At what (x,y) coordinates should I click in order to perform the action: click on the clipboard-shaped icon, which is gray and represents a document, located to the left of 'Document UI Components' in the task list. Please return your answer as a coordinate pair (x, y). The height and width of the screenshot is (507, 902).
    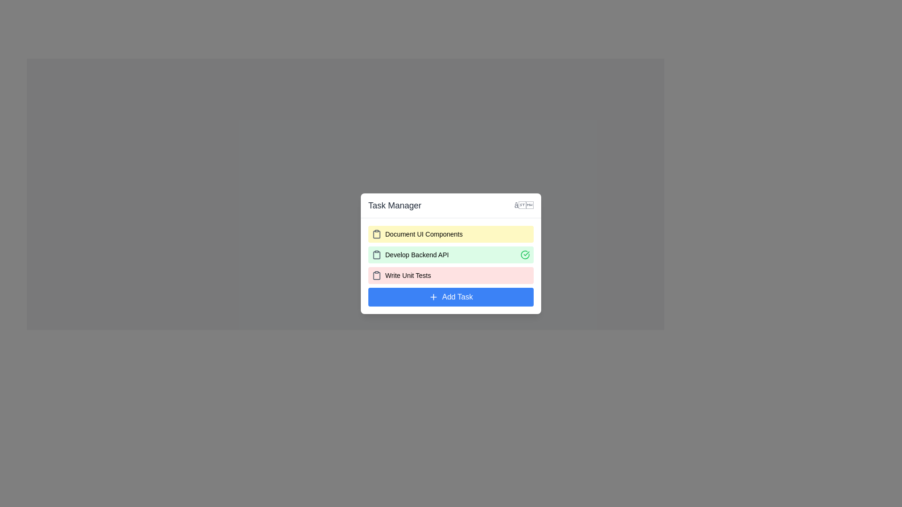
    Looking at the image, I should click on (376, 233).